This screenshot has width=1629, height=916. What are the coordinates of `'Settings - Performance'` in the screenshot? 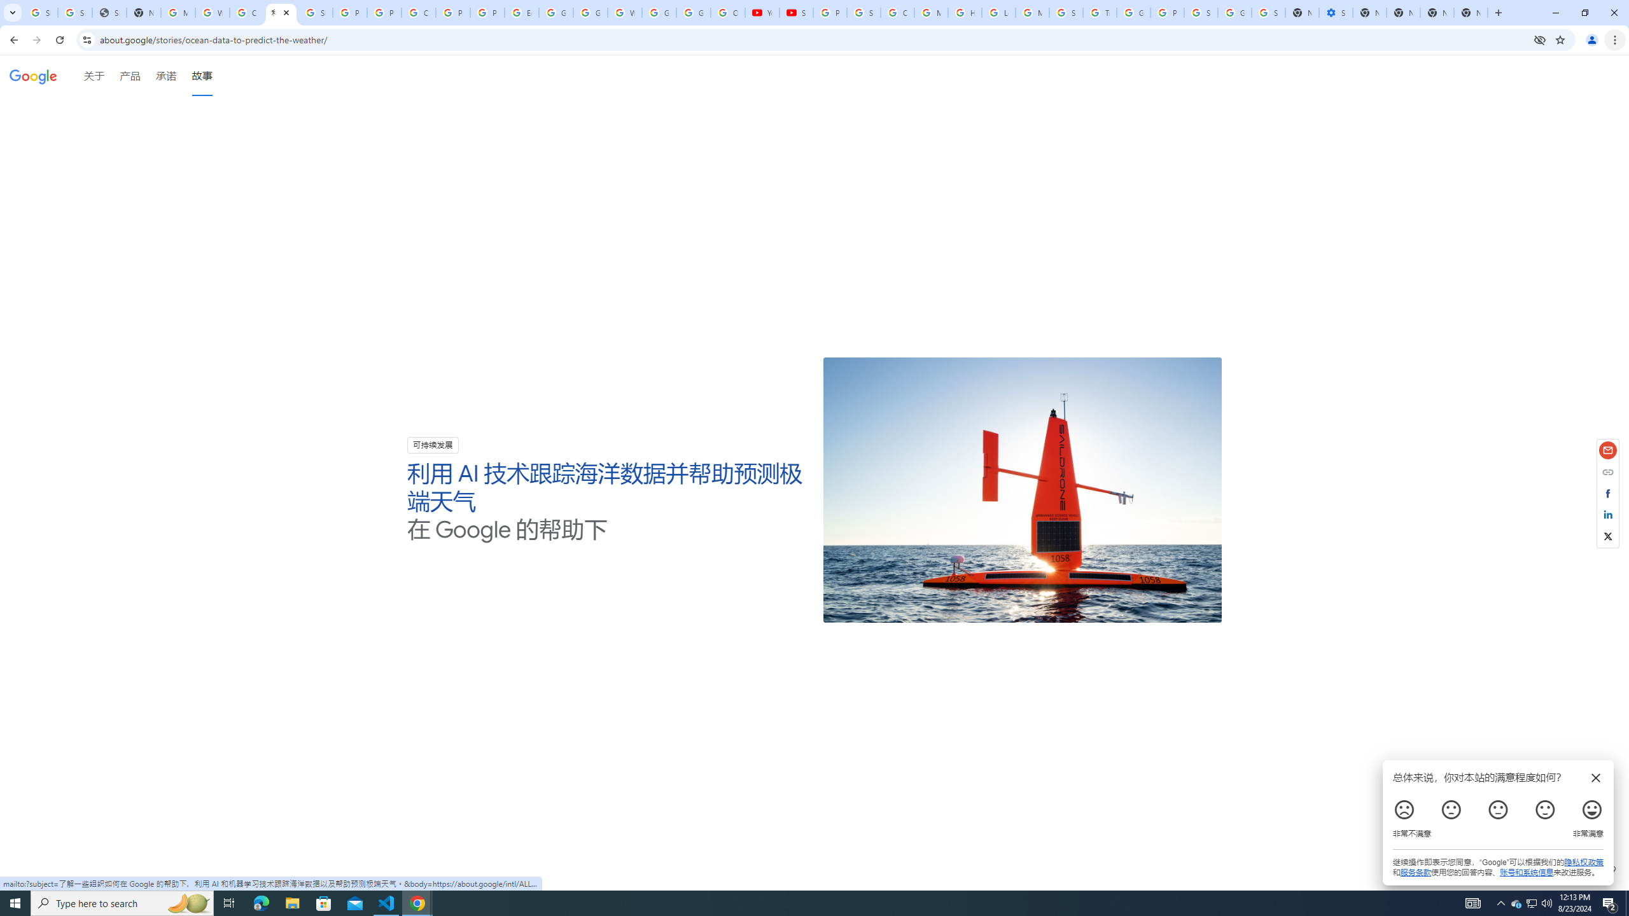 It's located at (1336, 12).